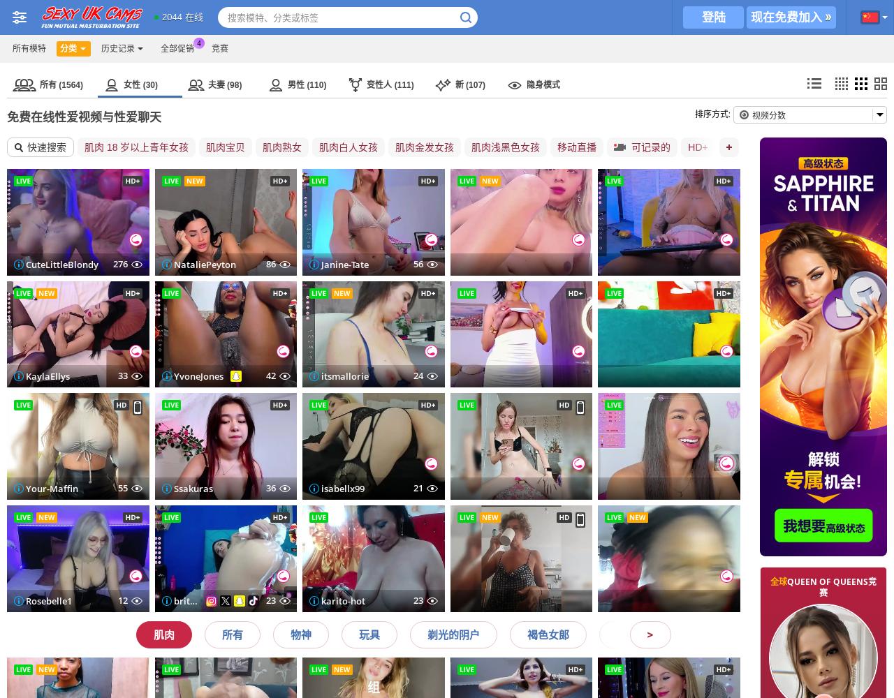 The image size is (894, 698). Describe the element at coordinates (173, 264) in the screenshot. I see `'Janine-Tate'` at that location.